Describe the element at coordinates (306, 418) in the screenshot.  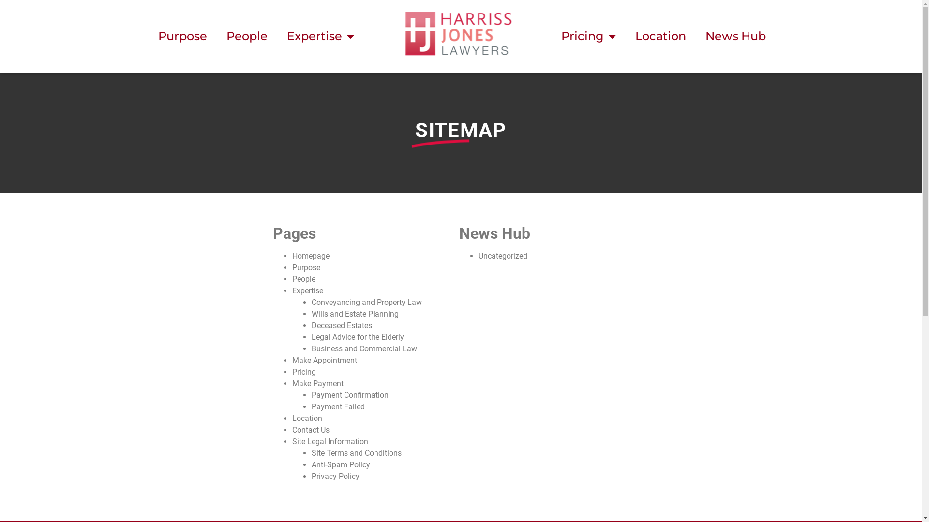
I see `'Location'` at that location.